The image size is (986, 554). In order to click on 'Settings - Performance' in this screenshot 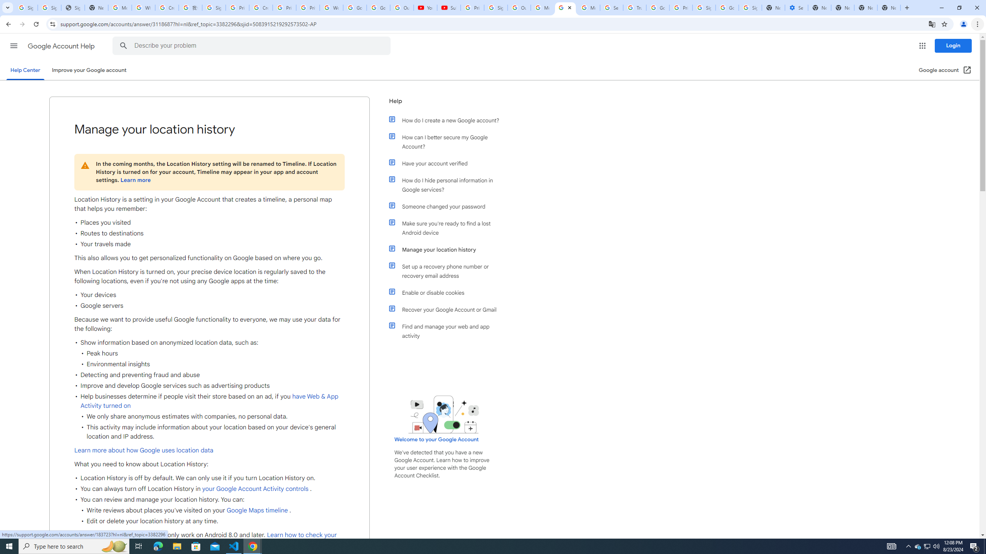, I will do `click(796, 7)`.